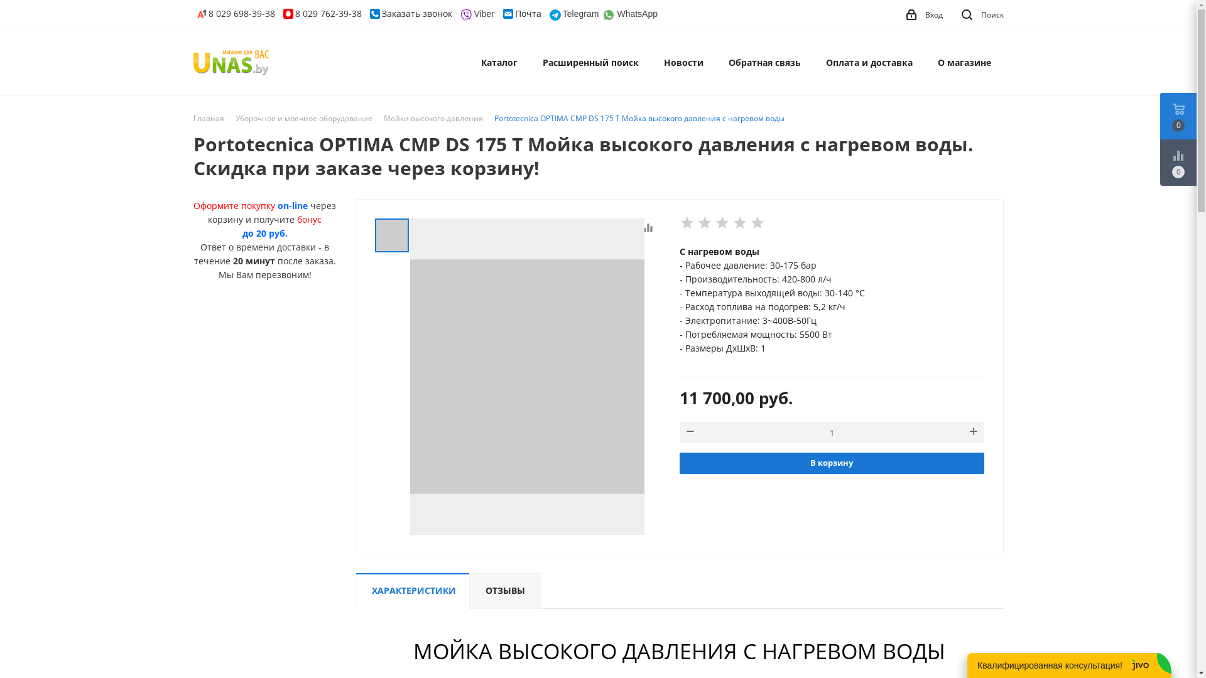 This screenshot has width=1206, height=678. I want to click on '8 029 698-39-38', so click(236, 14).